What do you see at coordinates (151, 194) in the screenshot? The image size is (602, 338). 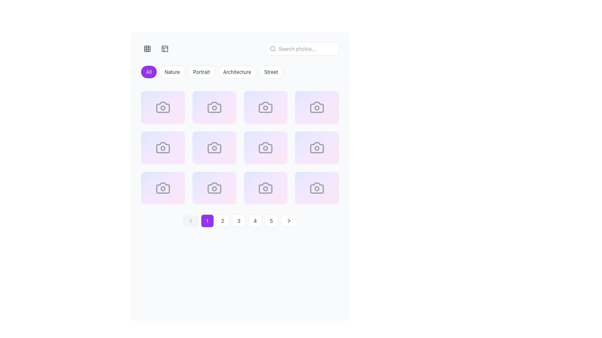 I see `the heart icon` at bounding box center [151, 194].